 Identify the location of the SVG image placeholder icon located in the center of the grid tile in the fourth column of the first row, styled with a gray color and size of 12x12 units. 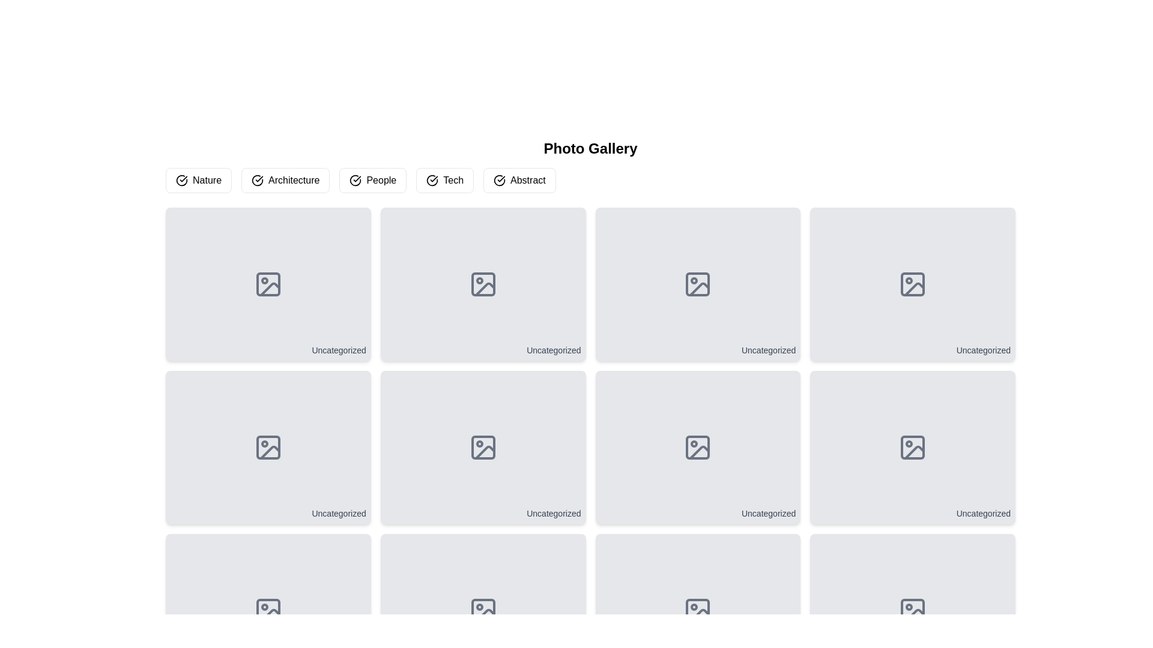
(913, 284).